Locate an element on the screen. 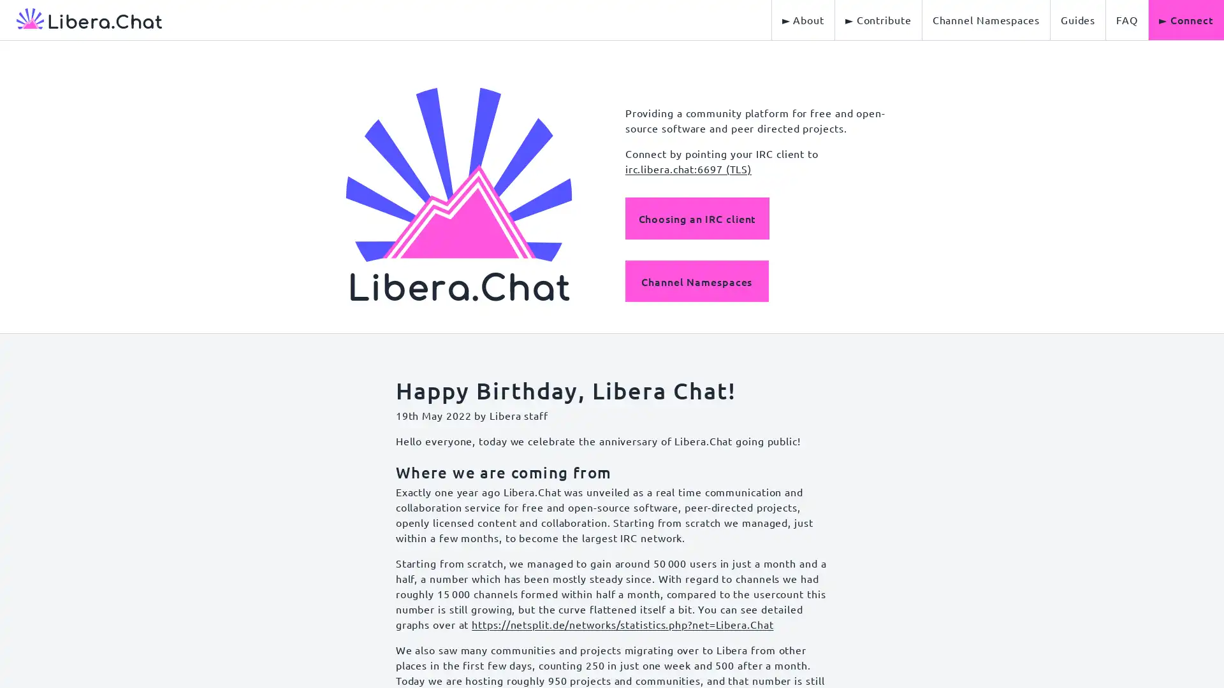  Choosing an IRC client is located at coordinates (696, 217).